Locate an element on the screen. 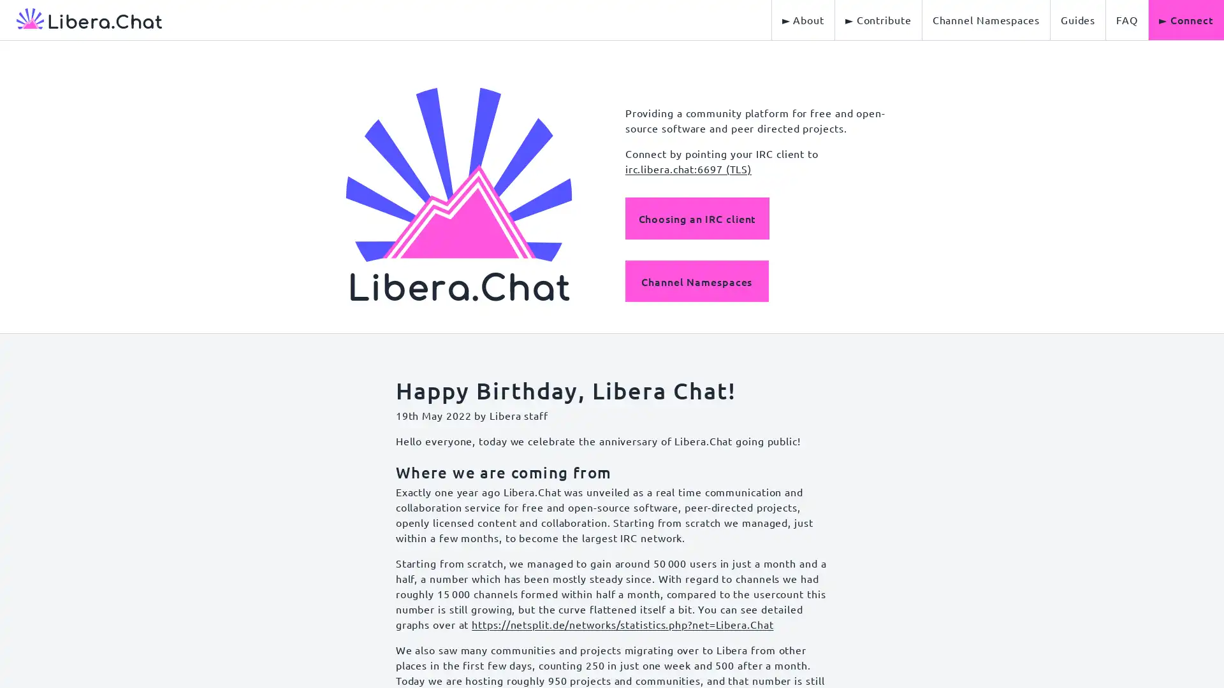  Choosing an IRC client is located at coordinates (696, 217).